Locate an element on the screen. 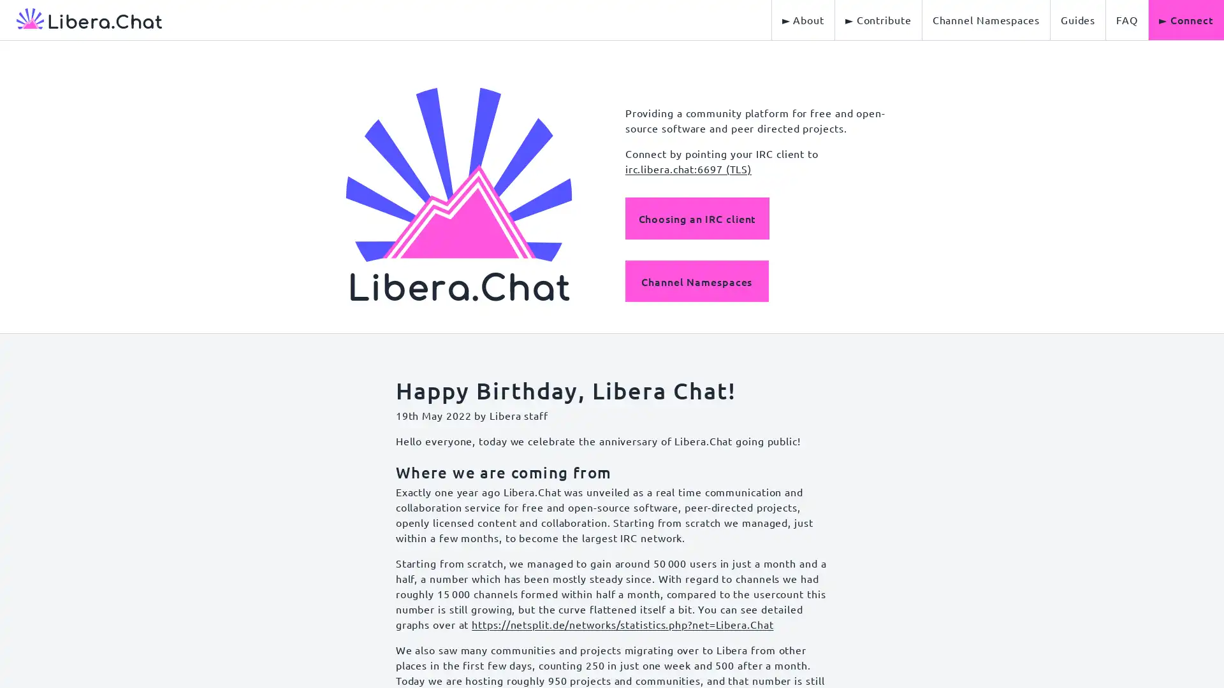  Choosing an IRC client is located at coordinates (696, 217).